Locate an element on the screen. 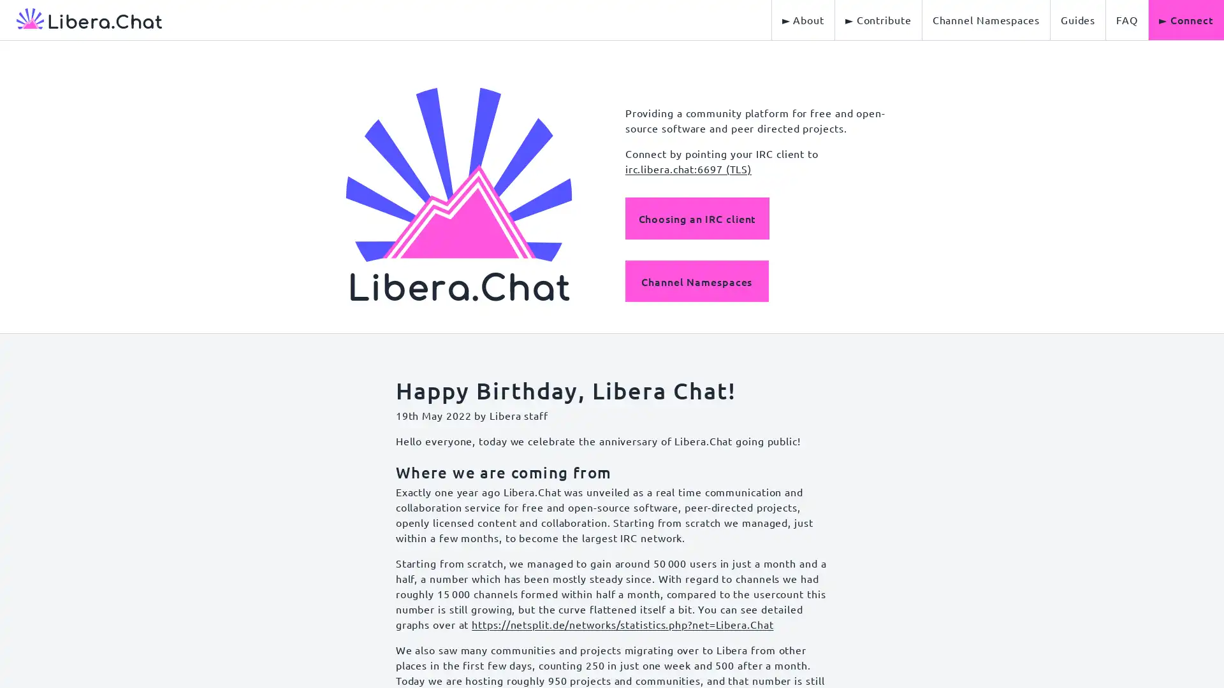  Choosing an IRC client is located at coordinates (696, 217).